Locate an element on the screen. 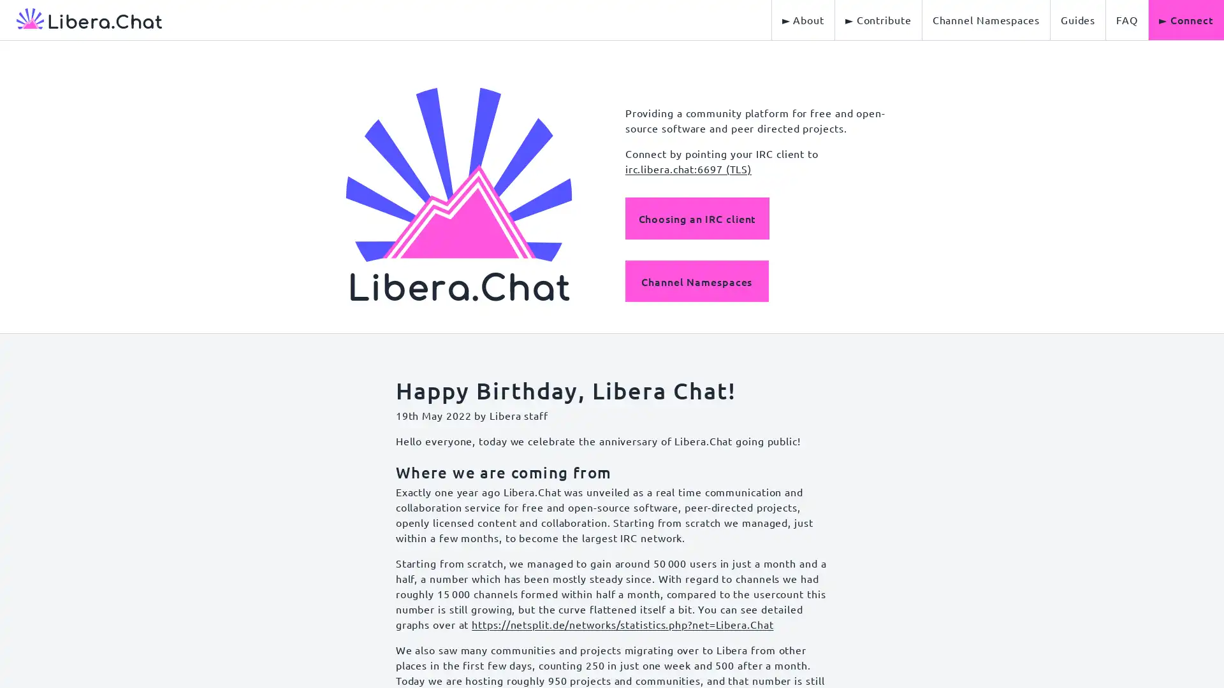  Choosing an IRC client is located at coordinates (696, 217).